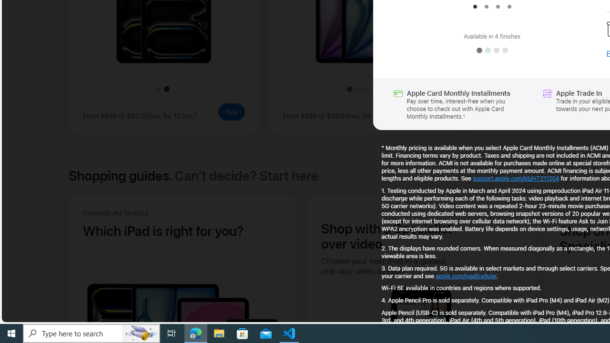  What do you see at coordinates (466, 276) in the screenshot?
I see `'apple.com/ipad/cellular'` at bounding box center [466, 276].